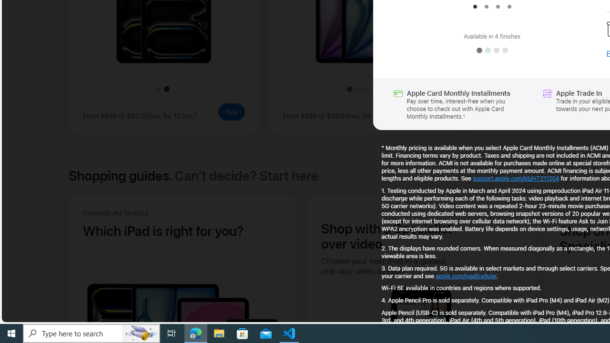  What do you see at coordinates (466, 276) in the screenshot?
I see `'apple.com/ipad/cellular'` at bounding box center [466, 276].